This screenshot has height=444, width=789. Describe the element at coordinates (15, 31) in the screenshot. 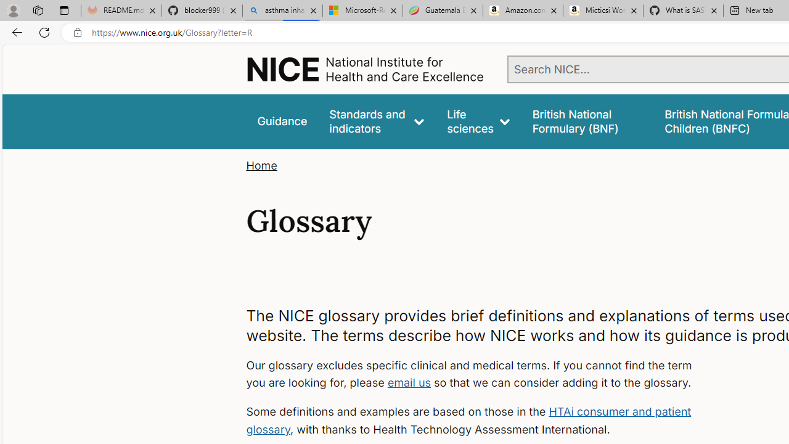

I see `'Back'` at that location.